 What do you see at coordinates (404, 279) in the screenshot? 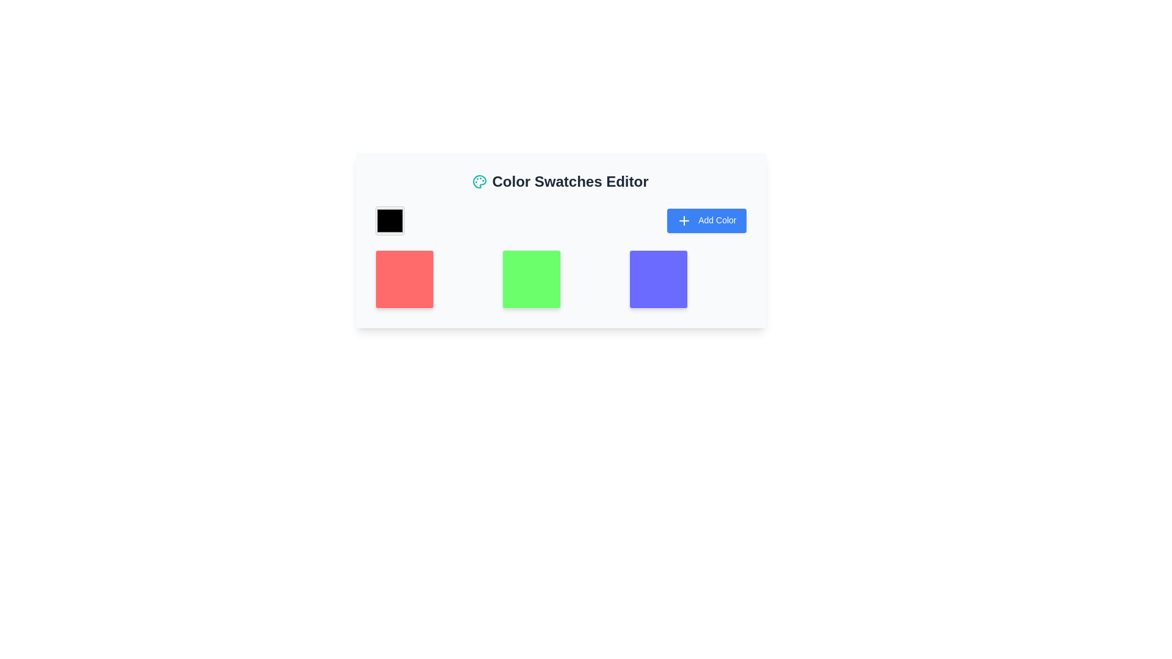
I see `the red color swatch box by clicking on it, which is located in the second position from the left in a horizontal row of color swatches` at bounding box center [404, 279].